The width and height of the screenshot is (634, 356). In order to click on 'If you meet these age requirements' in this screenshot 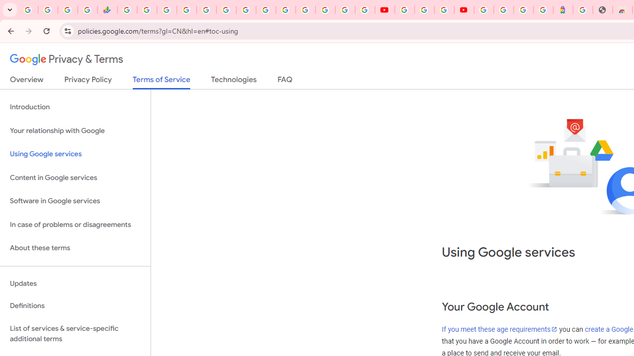, I will do `click(500, 329)`.